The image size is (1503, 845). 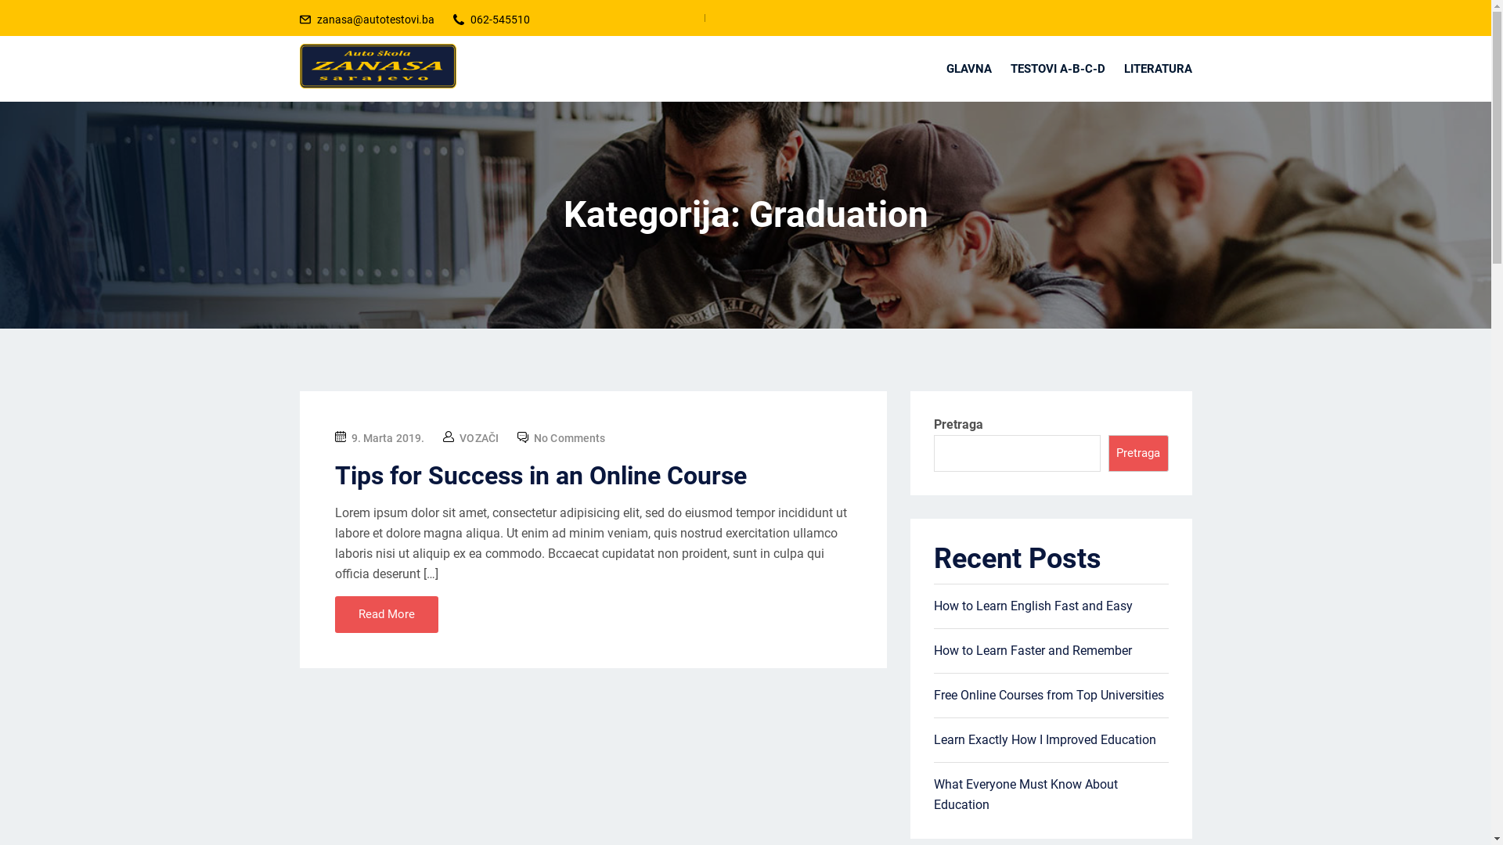 What do you see at coordinates (387, 437) in the screenshot?
I see `'9. Marta 2019.'` at bounding box center [387, 437].